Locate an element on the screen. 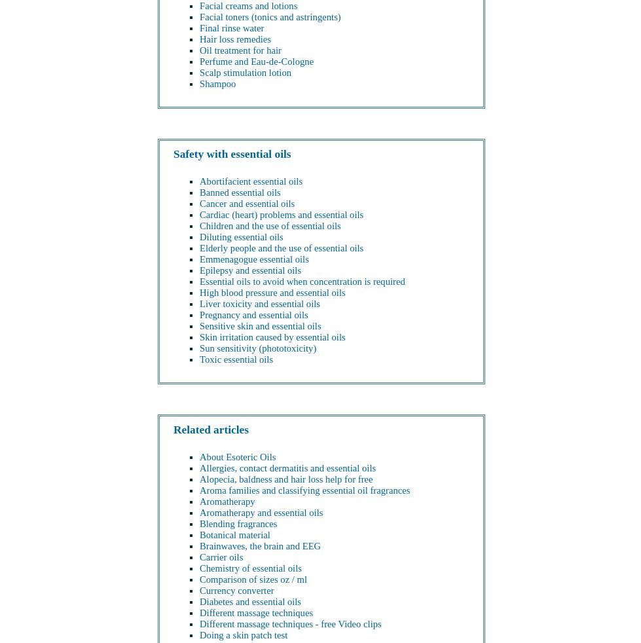 This screenshot has height=643, width=641. 'Aromatherapy' is located at coordinates (227, 501).